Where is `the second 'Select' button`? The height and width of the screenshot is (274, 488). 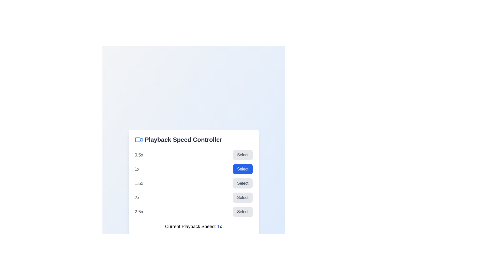
the second 'Select' button is located at coordinates (242, 169).